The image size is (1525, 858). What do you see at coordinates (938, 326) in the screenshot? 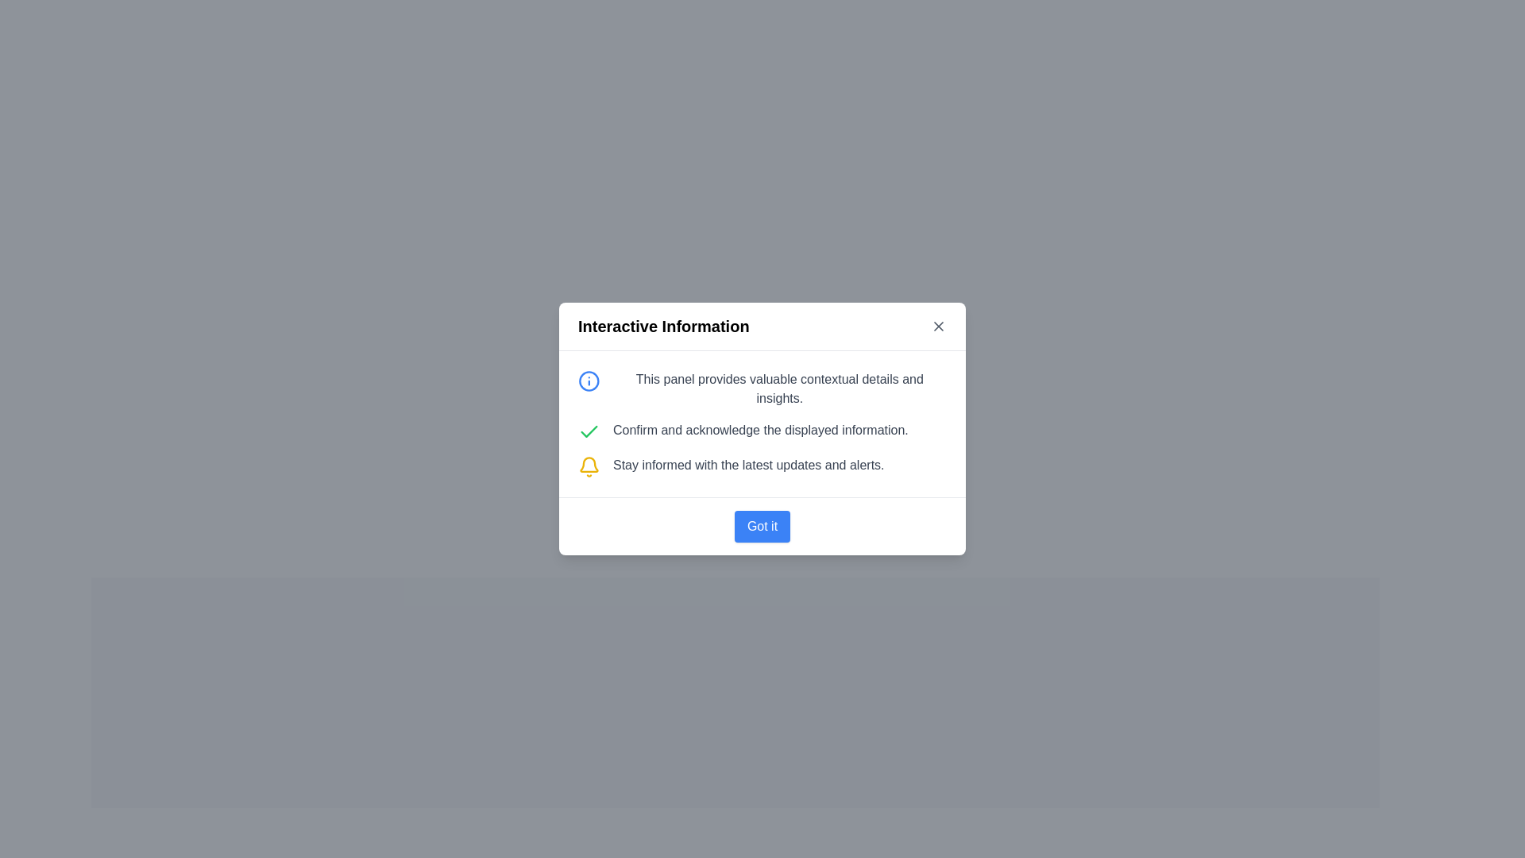
I see `the close button located in the top-right corner of the modal panel labeled 'Interactive Information'` at bounding box center [938, 326].